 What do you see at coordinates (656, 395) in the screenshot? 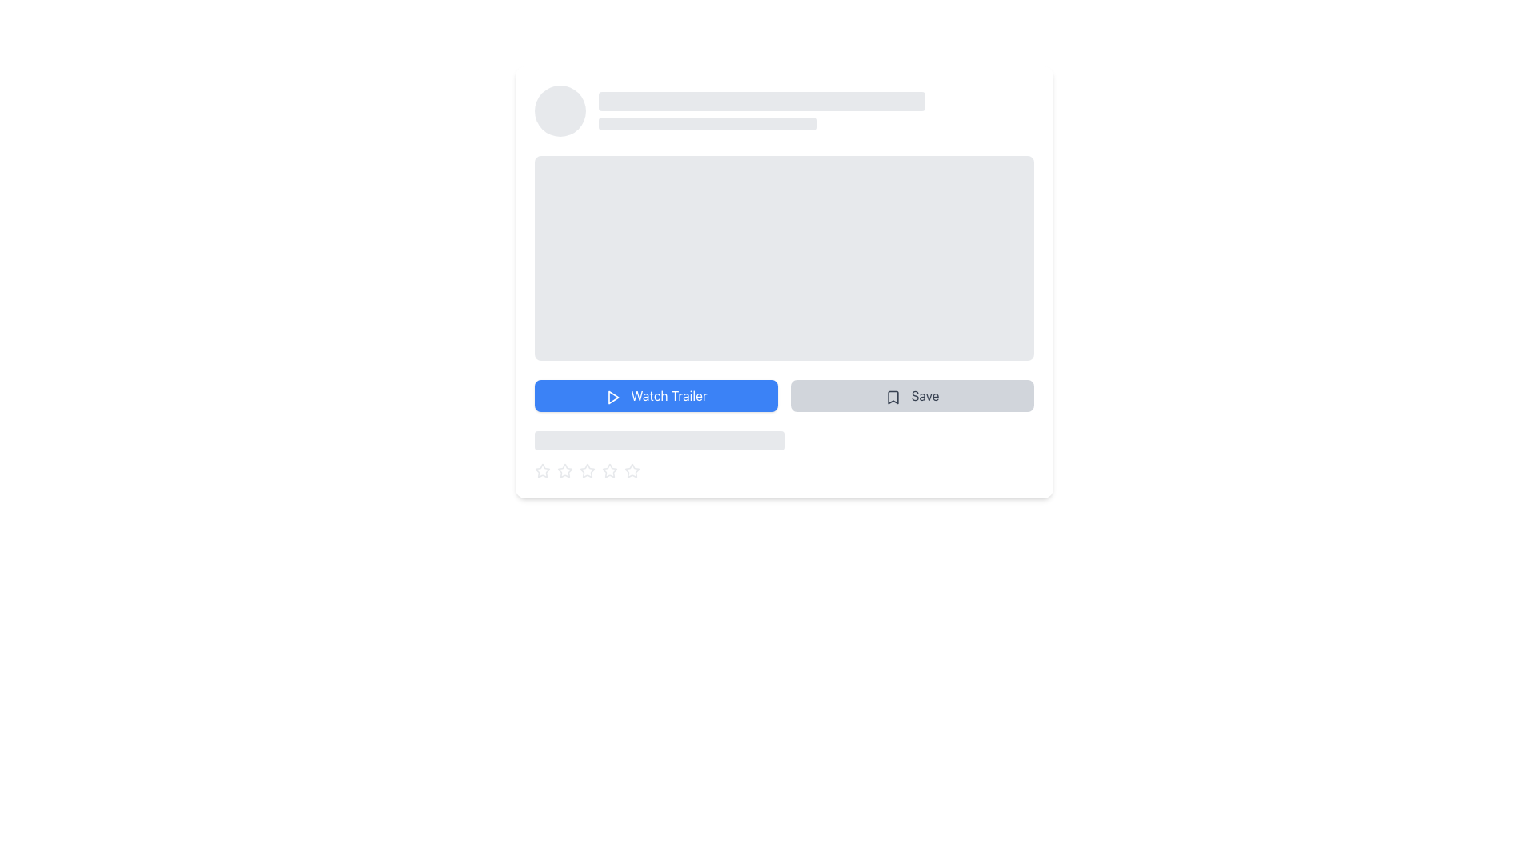
I see `the bright blue 'Watch Trailer' button with rounded edges` at bounding box center [656, 395].